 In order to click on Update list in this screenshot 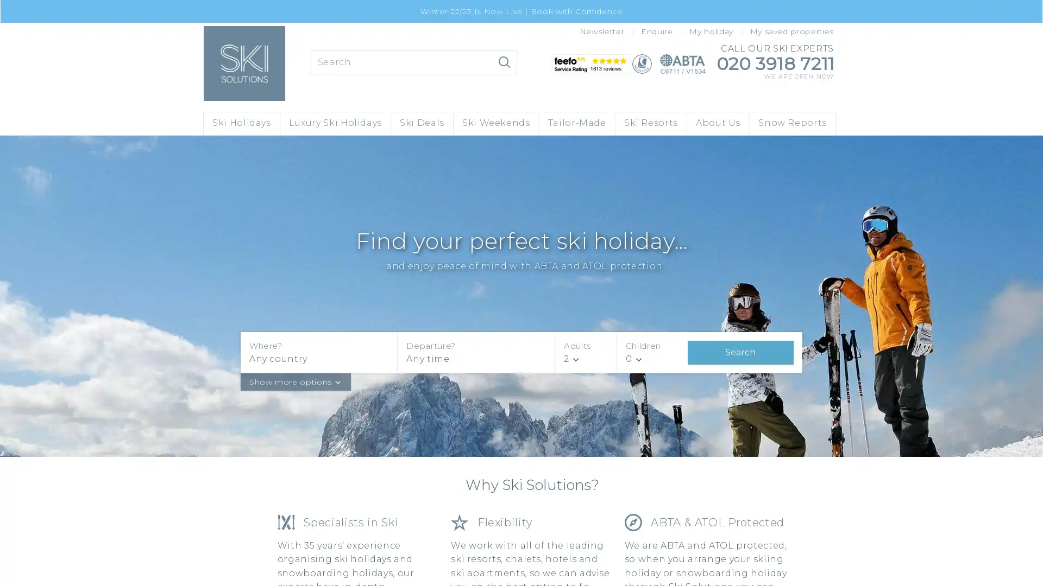, I will do `click(504, 62)`.